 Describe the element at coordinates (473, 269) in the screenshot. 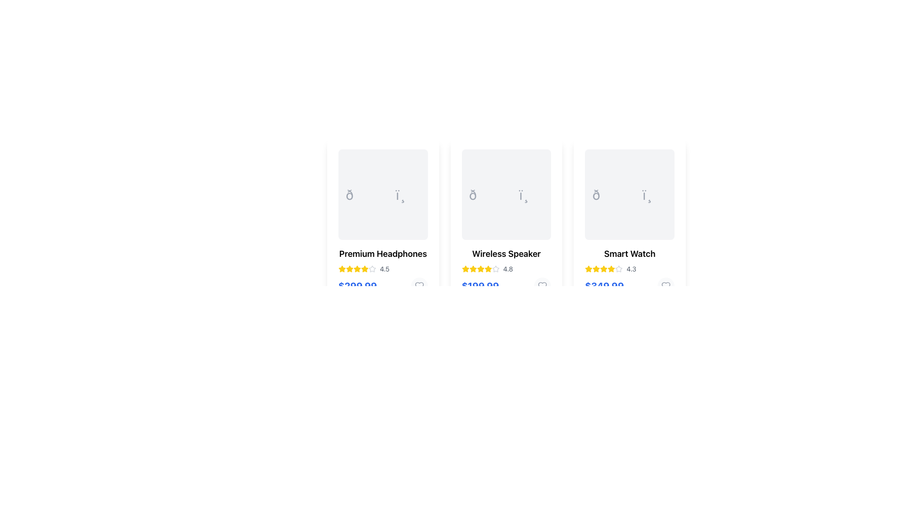

I see `the third yellow star icon in the rating section of the 'Wireless Speaker' product card` at that location.